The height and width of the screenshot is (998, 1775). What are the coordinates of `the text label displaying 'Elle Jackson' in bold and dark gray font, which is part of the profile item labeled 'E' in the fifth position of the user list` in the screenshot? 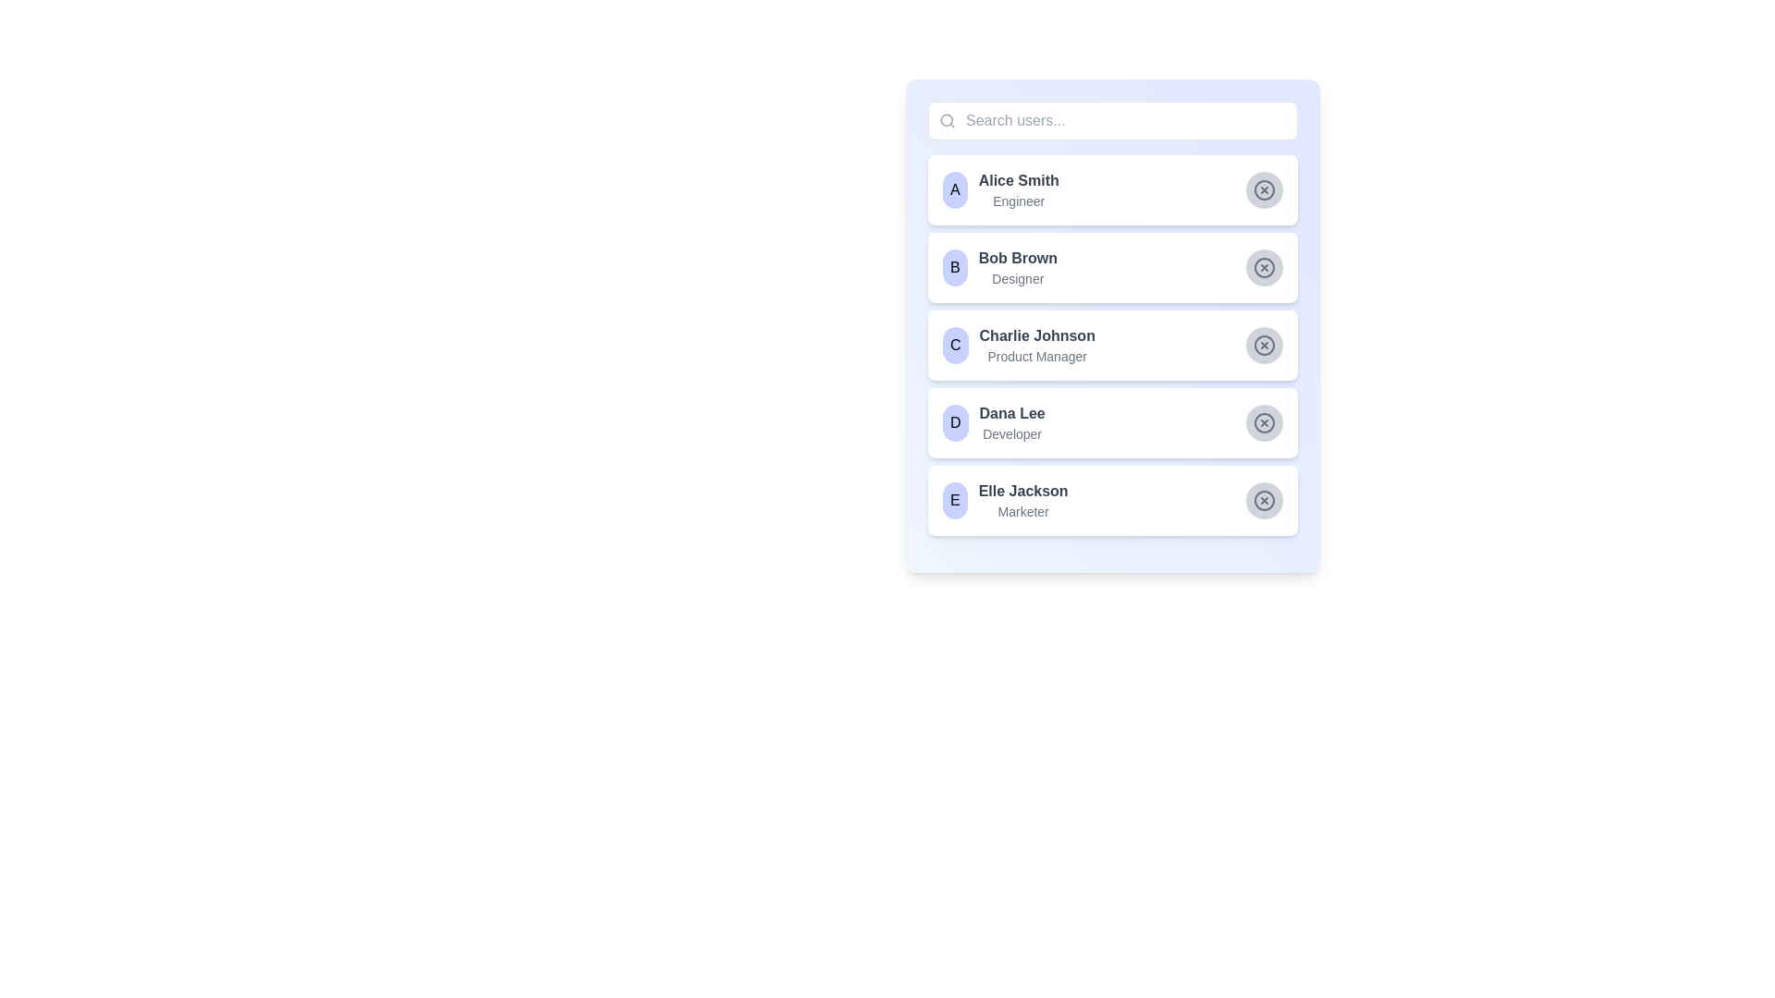 It's located at (1022, 491).